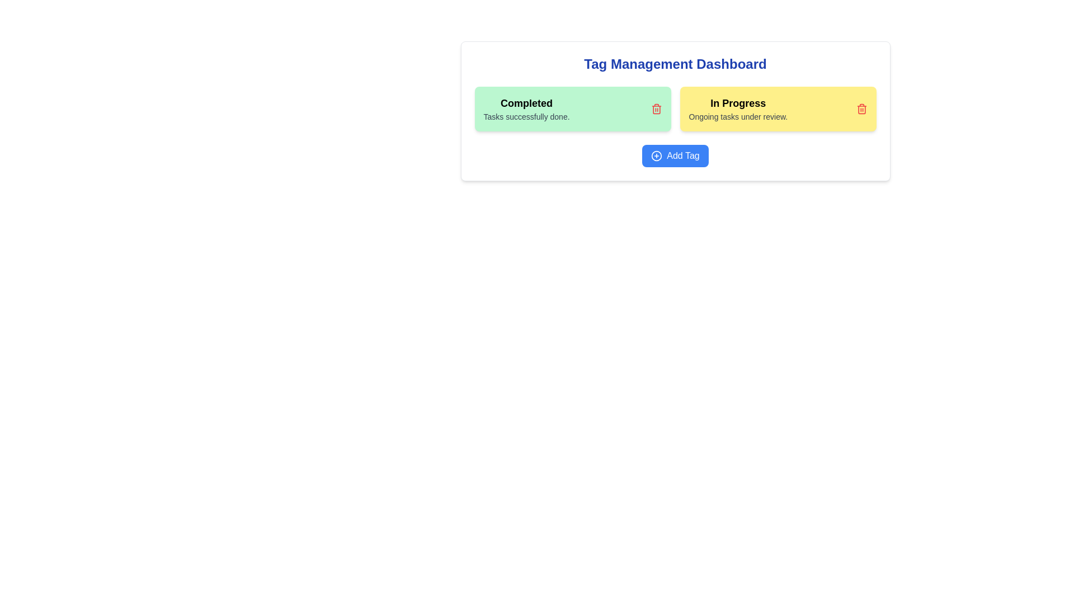  I want to click on the red trash can icon button located in the green box labeled 'Completed', so click(656, 109).